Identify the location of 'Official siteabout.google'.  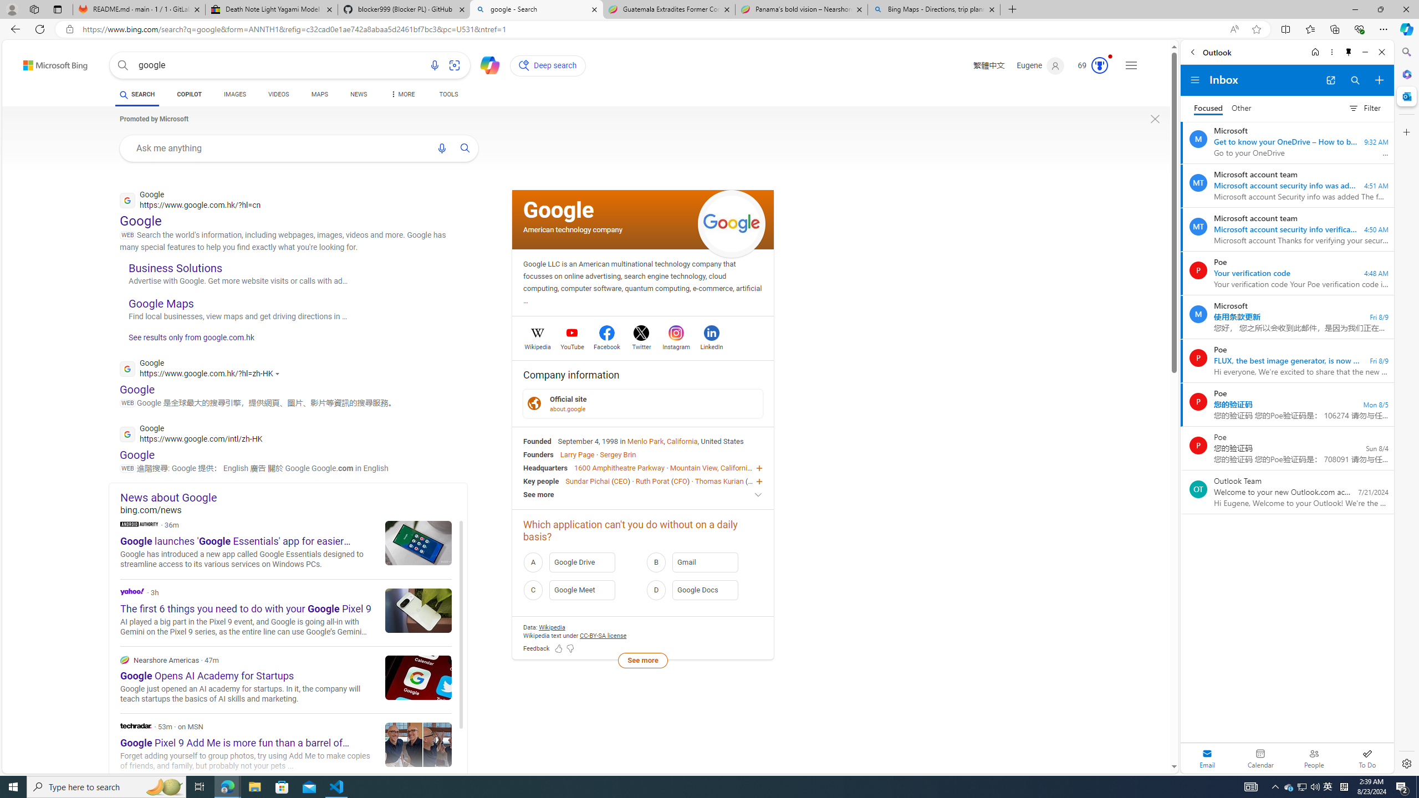
(642, 403).